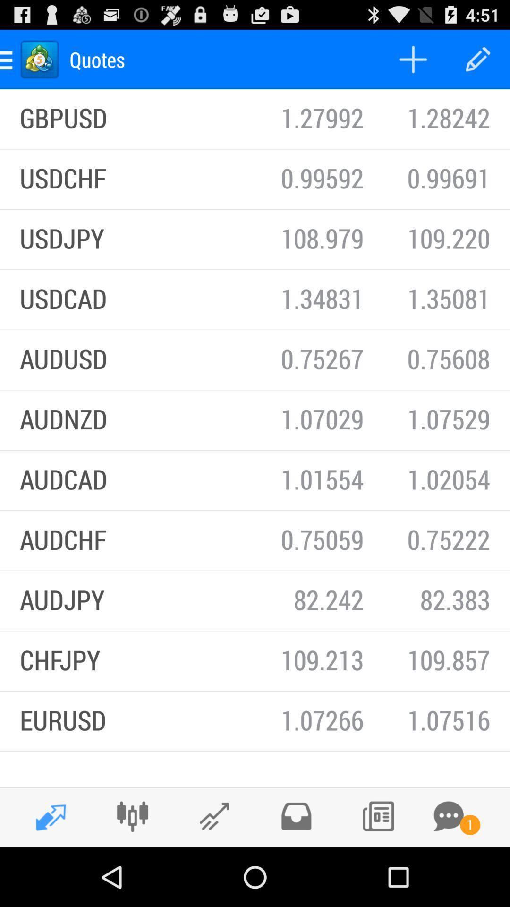 This screenshot has height=907, width=510. I want to click on the sliders icon, so click(132, 873).